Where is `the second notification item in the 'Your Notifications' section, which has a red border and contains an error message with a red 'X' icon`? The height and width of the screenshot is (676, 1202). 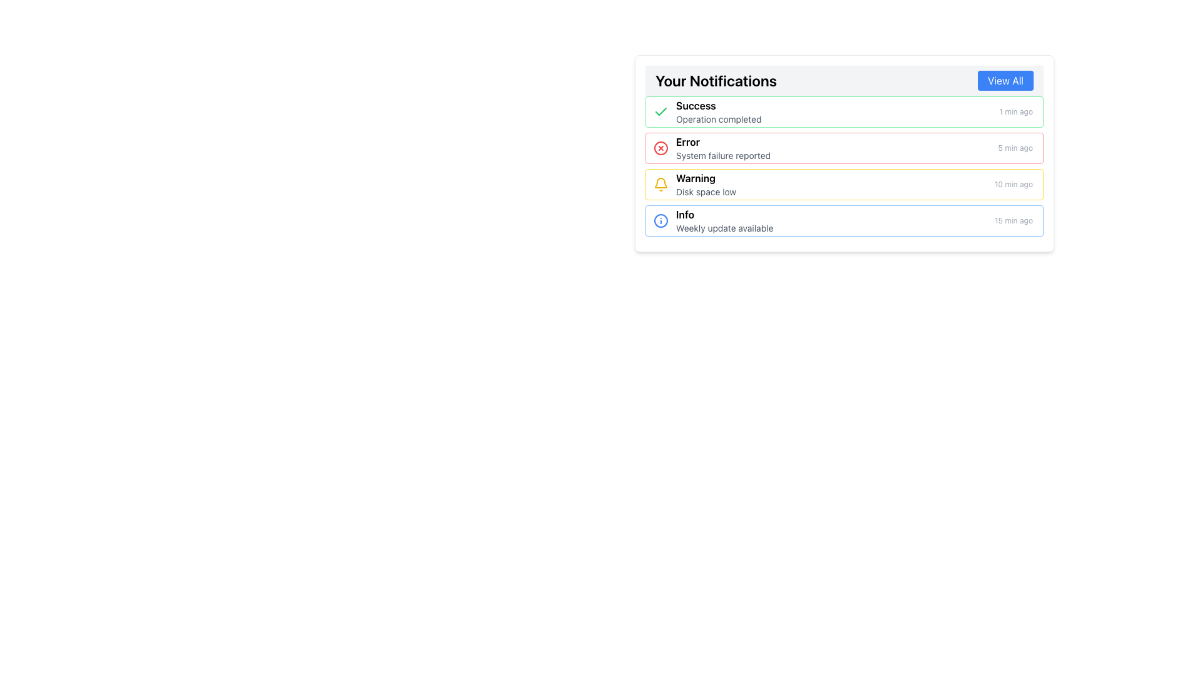 the second notification item in the 'Your Notifications' section, which has a red border and contains an error message with a red 'X' icon is located at coordinates (844, 166).